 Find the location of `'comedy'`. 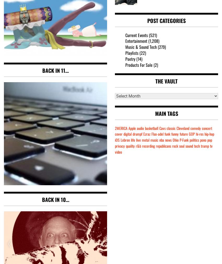

'comedy' is located at coordinates (196, 128).